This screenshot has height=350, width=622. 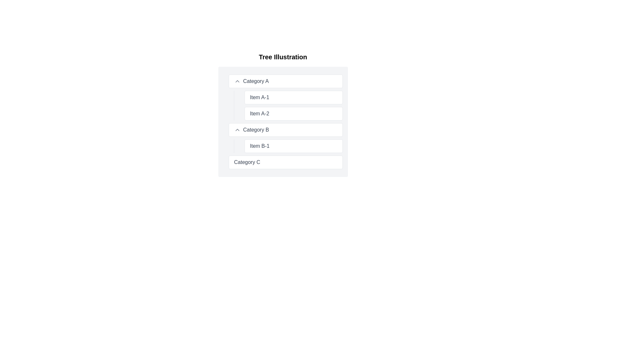 I want to click on the list item 'Item B-1' located in the expandable section that follows 'Category A', so click(x=285, y=137).